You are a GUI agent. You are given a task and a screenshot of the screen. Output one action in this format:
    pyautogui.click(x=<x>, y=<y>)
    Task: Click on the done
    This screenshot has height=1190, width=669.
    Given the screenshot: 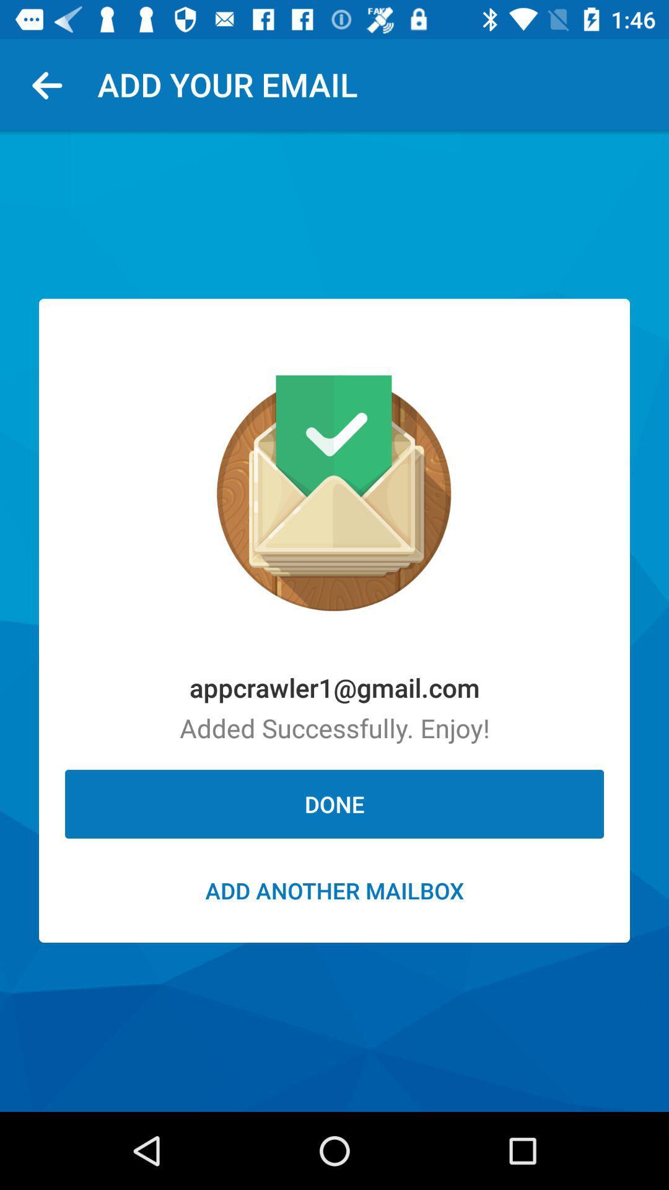 What is the action you would take?
    pyautogui.click(x=334, y=804)
    